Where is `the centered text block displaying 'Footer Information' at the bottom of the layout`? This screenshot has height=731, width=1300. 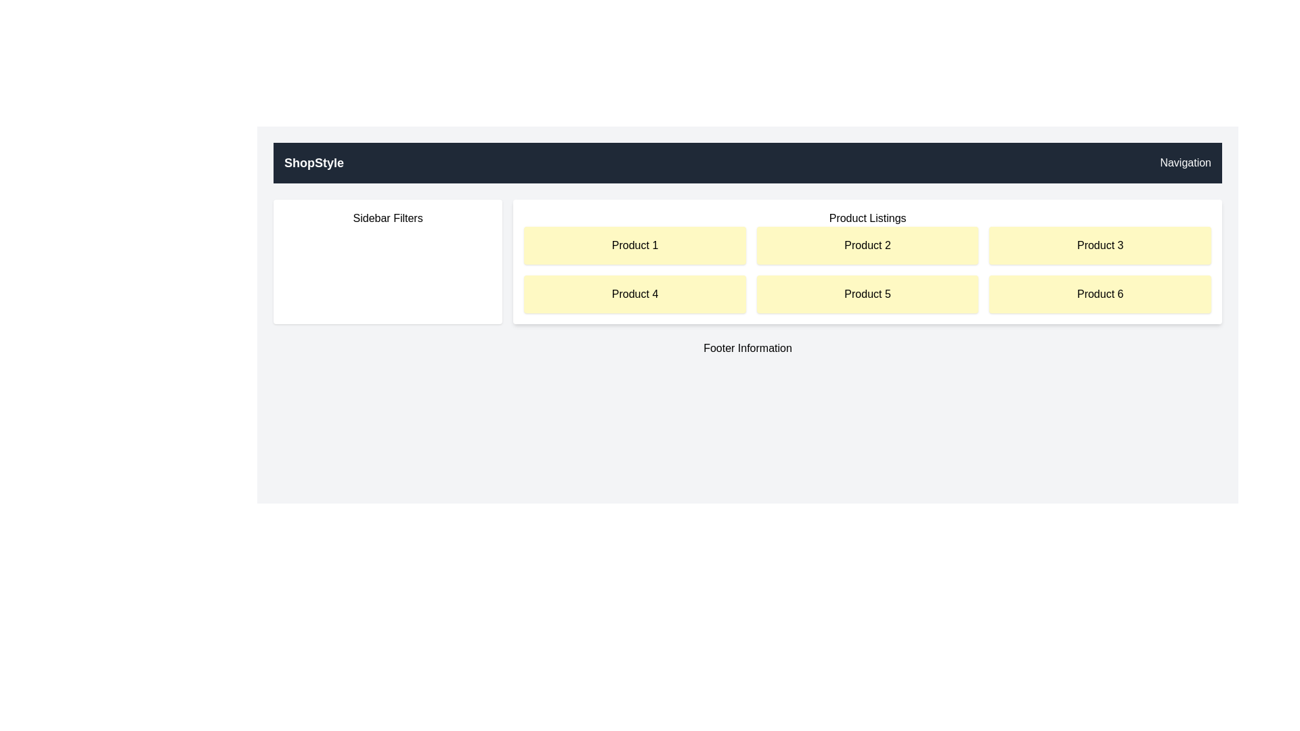
the centered text block displaying 'Footer Information' at the bottom of the layout is located at coordinates (747, 348).